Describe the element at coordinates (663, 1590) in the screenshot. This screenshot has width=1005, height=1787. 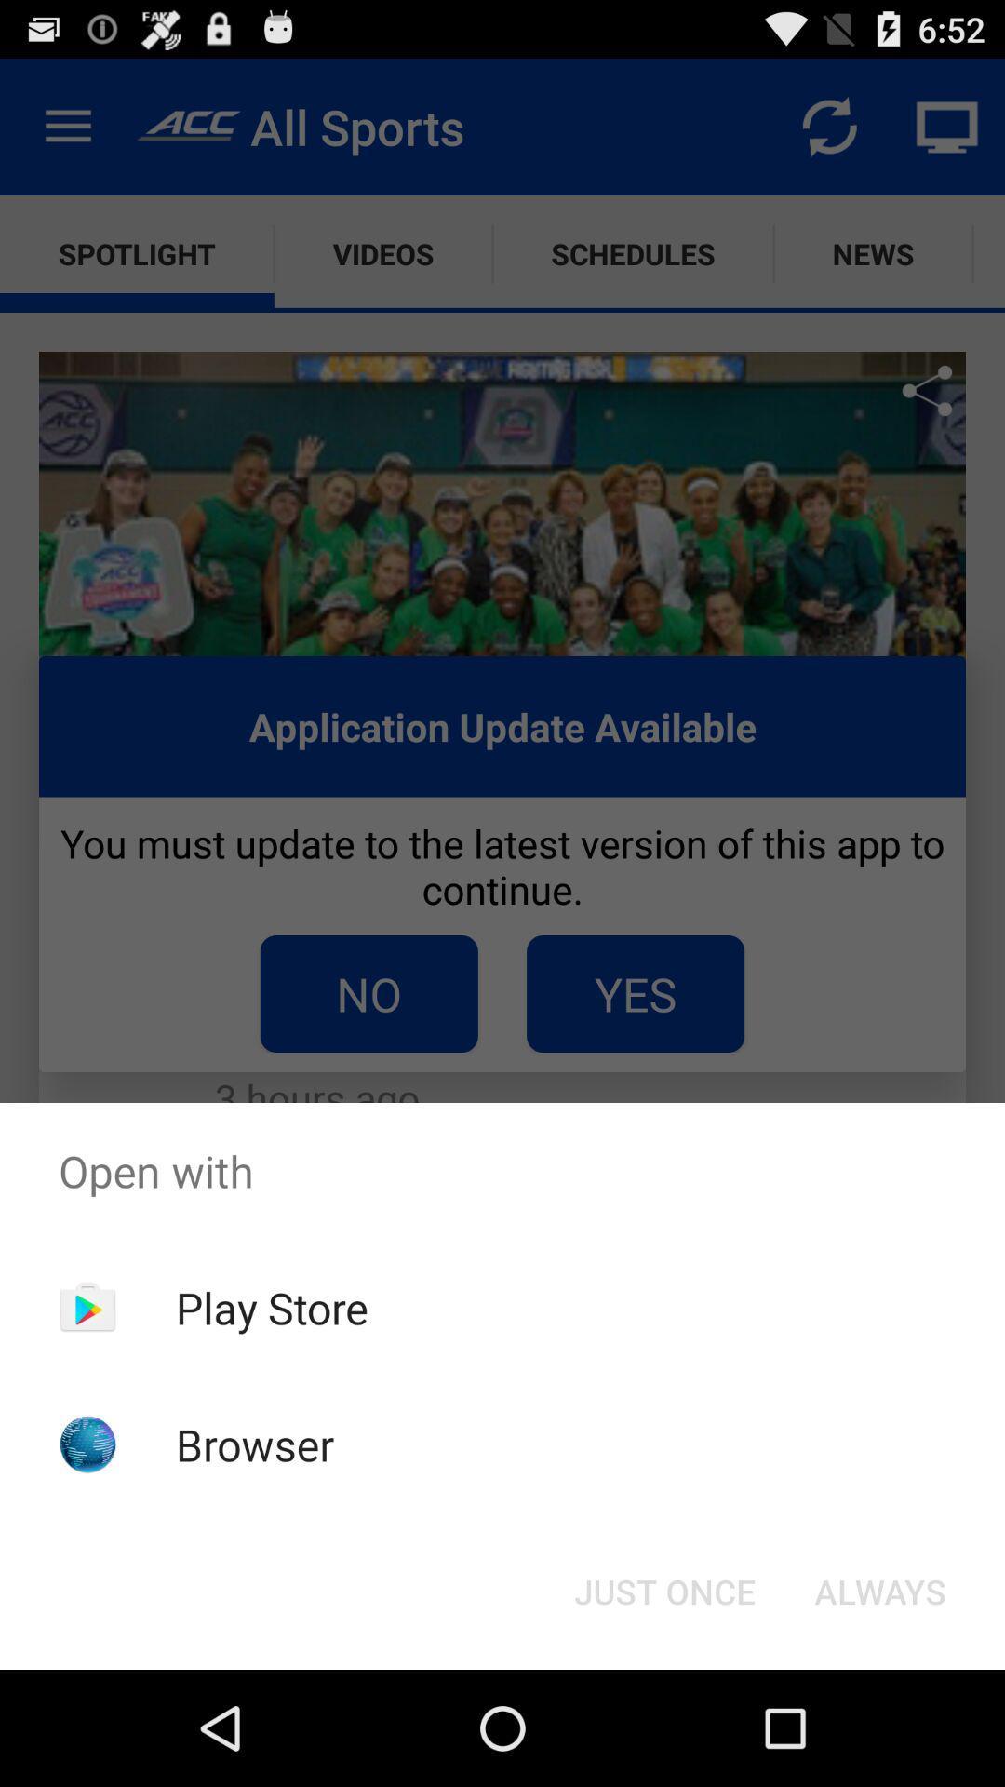
I see `the just once item` at that location.